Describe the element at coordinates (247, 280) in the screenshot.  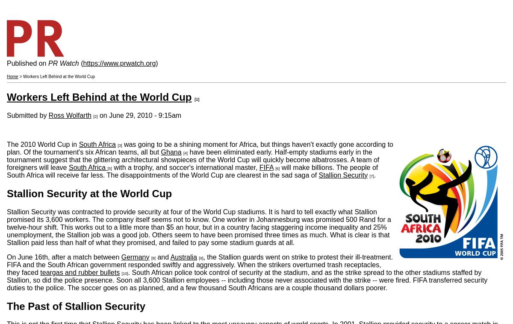
I see `'. South African police took control of security at the stadium, and as the strike spread to the other stadiums staffed by Stallion, so did the police presence. Soon all 3,600 Stallion employees -- including those never associated with the strike -- were fired. FIFA transferred security duties to the police. The soccer goes on as planned, and a few thousand South Africans are a couple thousand dollars poorer.'` at that location.